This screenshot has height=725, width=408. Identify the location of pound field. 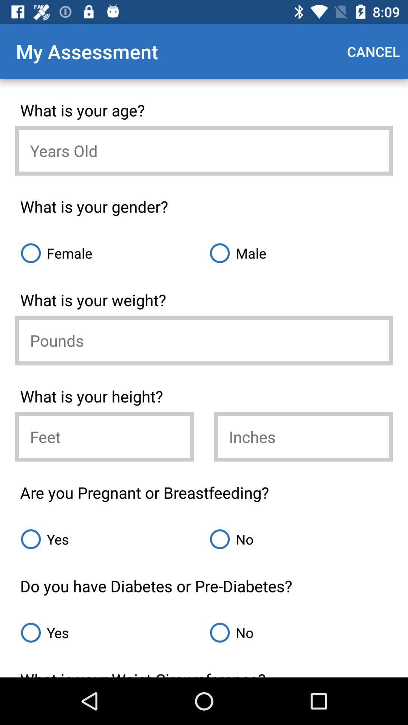
(204, 340).